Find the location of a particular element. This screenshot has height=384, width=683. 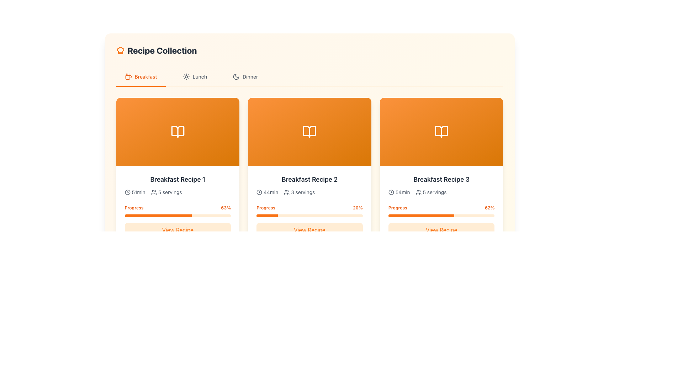

the Text Label with Icon displaying '3 servings', which is the second information block below the title 'Breakfast Recipe 2' is located at coordinates (299, 192).